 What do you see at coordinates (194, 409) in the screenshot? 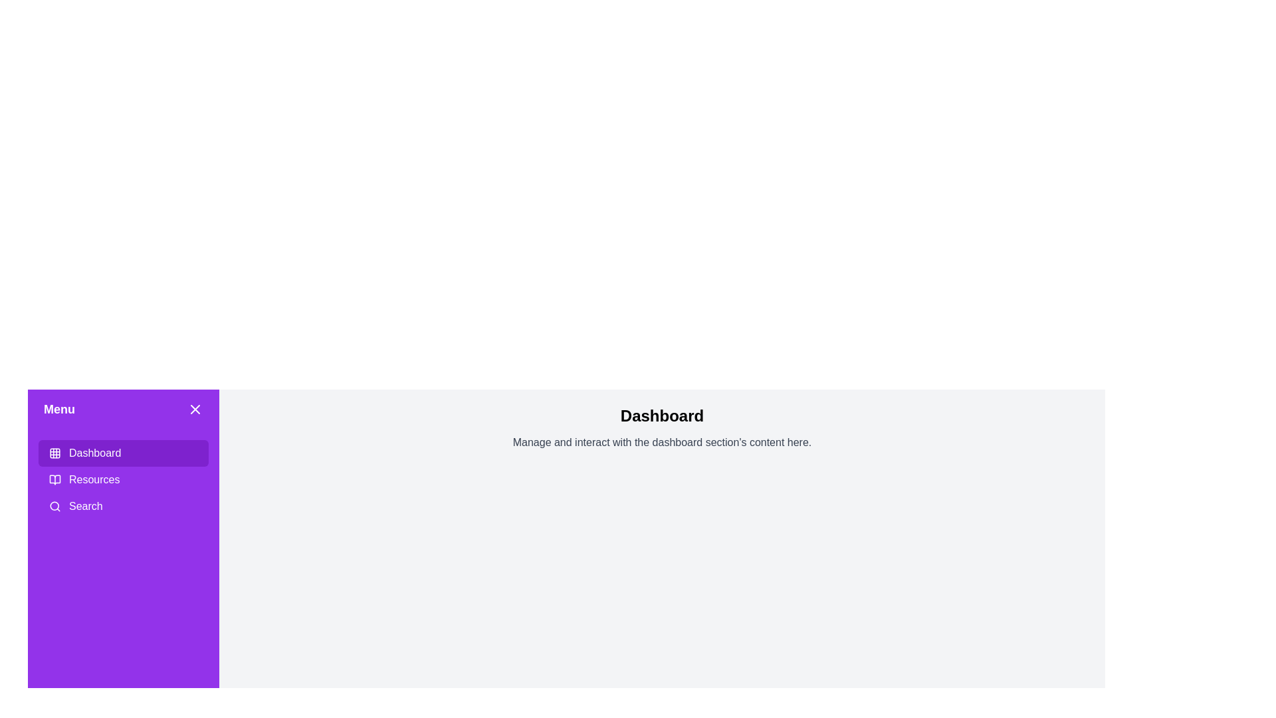
I see `the close icon represented by an 'X' shape located in the top-right corner of the purple sidebar area to trigger a tooltip or highlight effect` at bounding box center [194, 409].